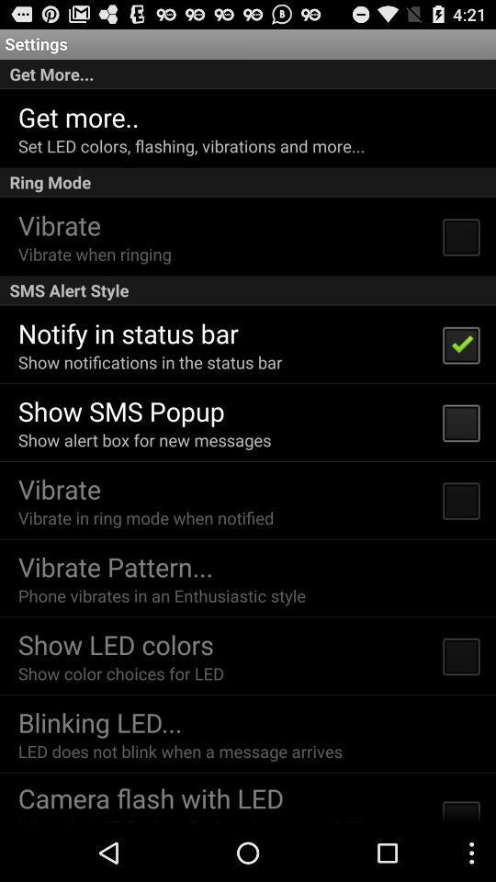 This screenshot has width=496, height=882. What do you see at coordinates (115, 565) in the screenshot?
I see `the icon above the phone vibrates in item` at bounding box center [115, 565].